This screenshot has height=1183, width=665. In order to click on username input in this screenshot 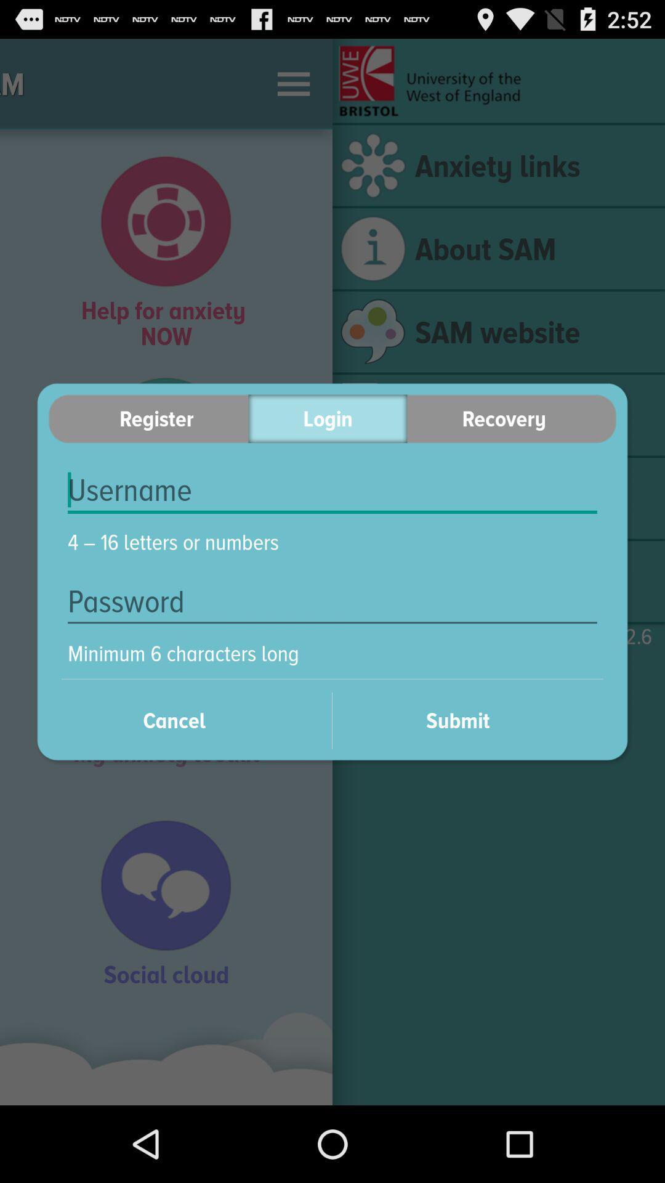, I will do `click(332, 490)`.